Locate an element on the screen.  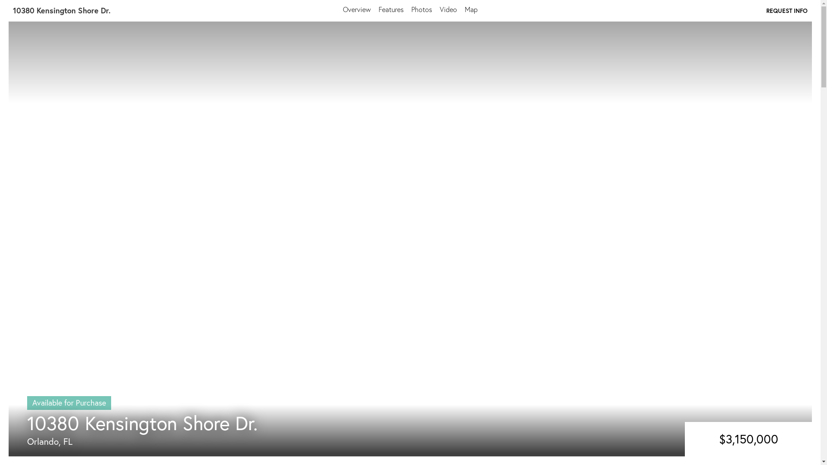
'Features' is located at coordinates (378, 9).